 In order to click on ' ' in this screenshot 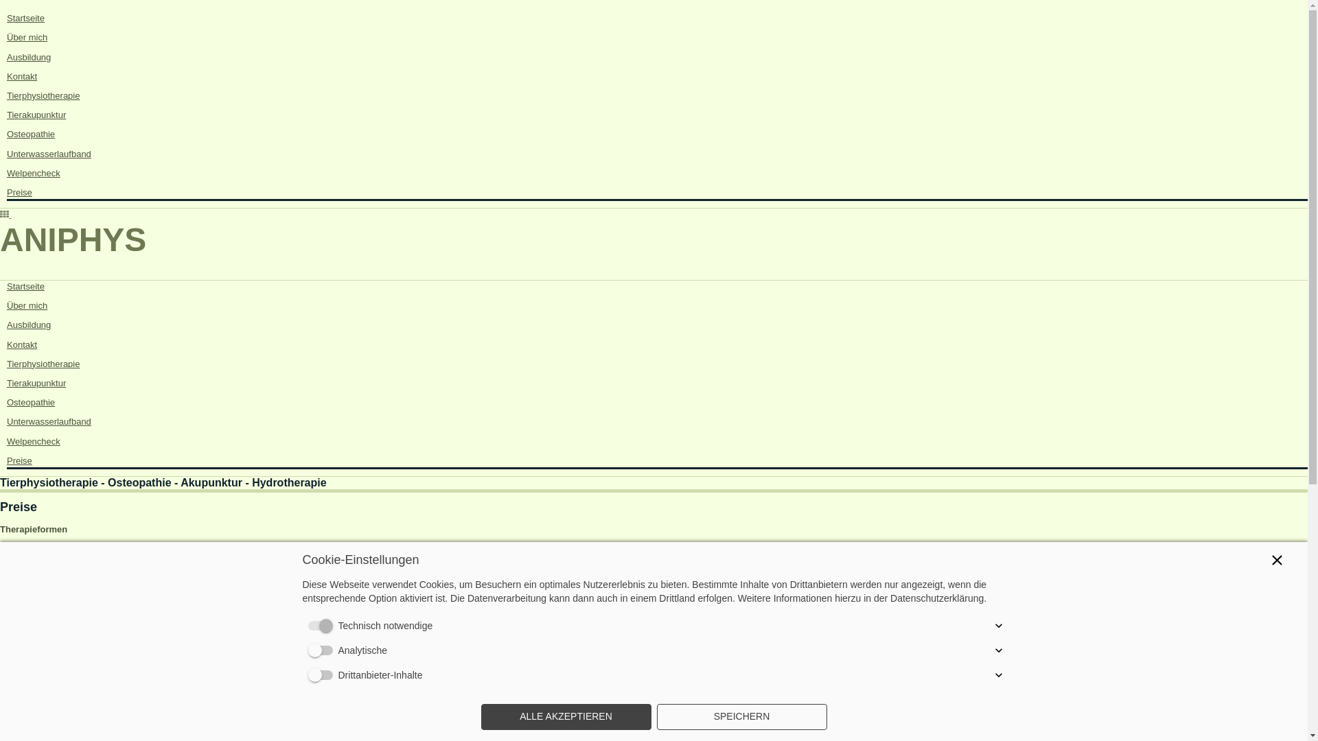, I will do `click(5, 214)`.